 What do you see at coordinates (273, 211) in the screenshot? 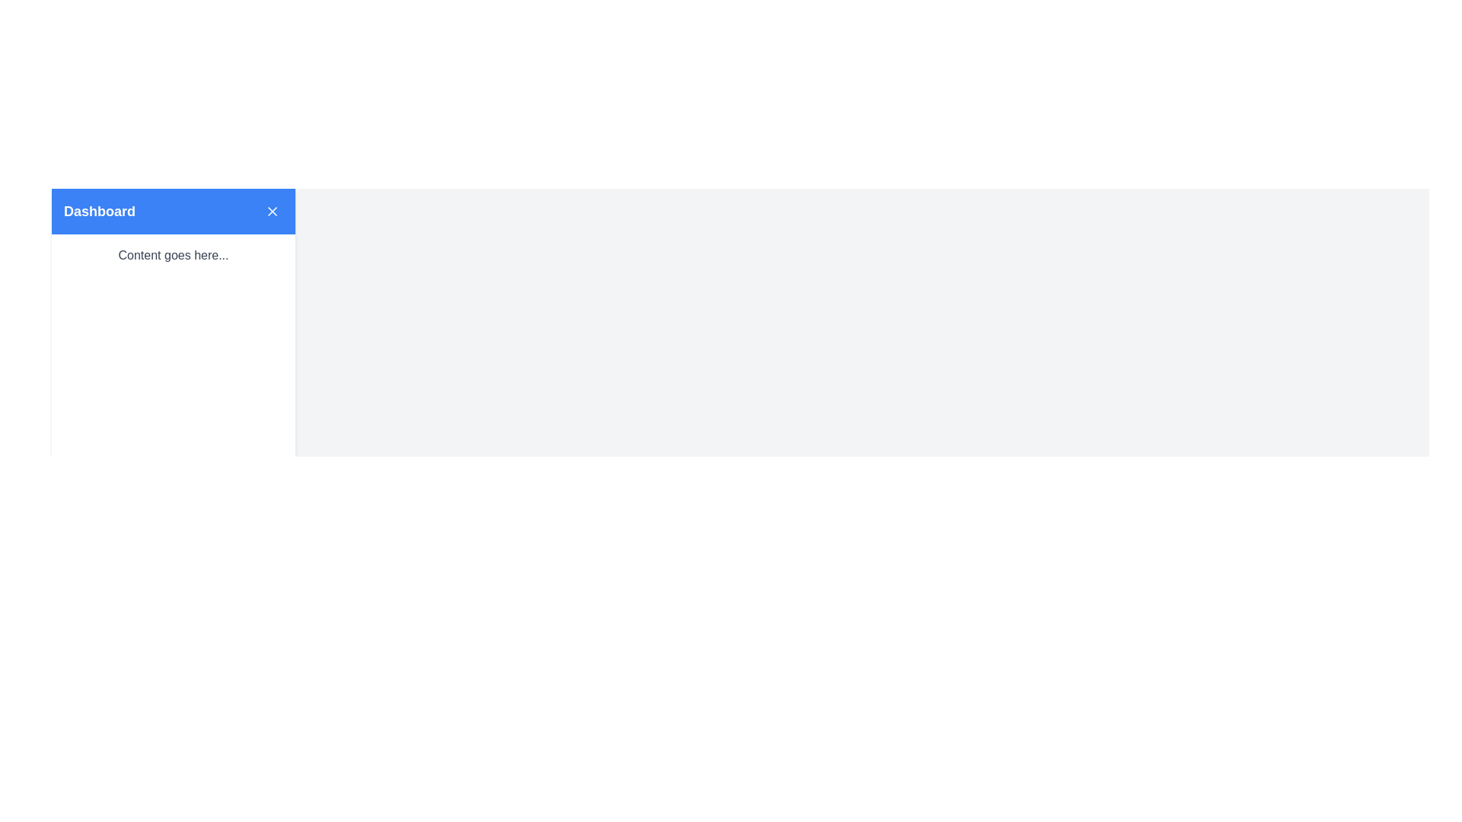
I see `the close button located in the top-right corner of the blue header bar labeled 'Dashboard'` at bounding box center [273, 211].